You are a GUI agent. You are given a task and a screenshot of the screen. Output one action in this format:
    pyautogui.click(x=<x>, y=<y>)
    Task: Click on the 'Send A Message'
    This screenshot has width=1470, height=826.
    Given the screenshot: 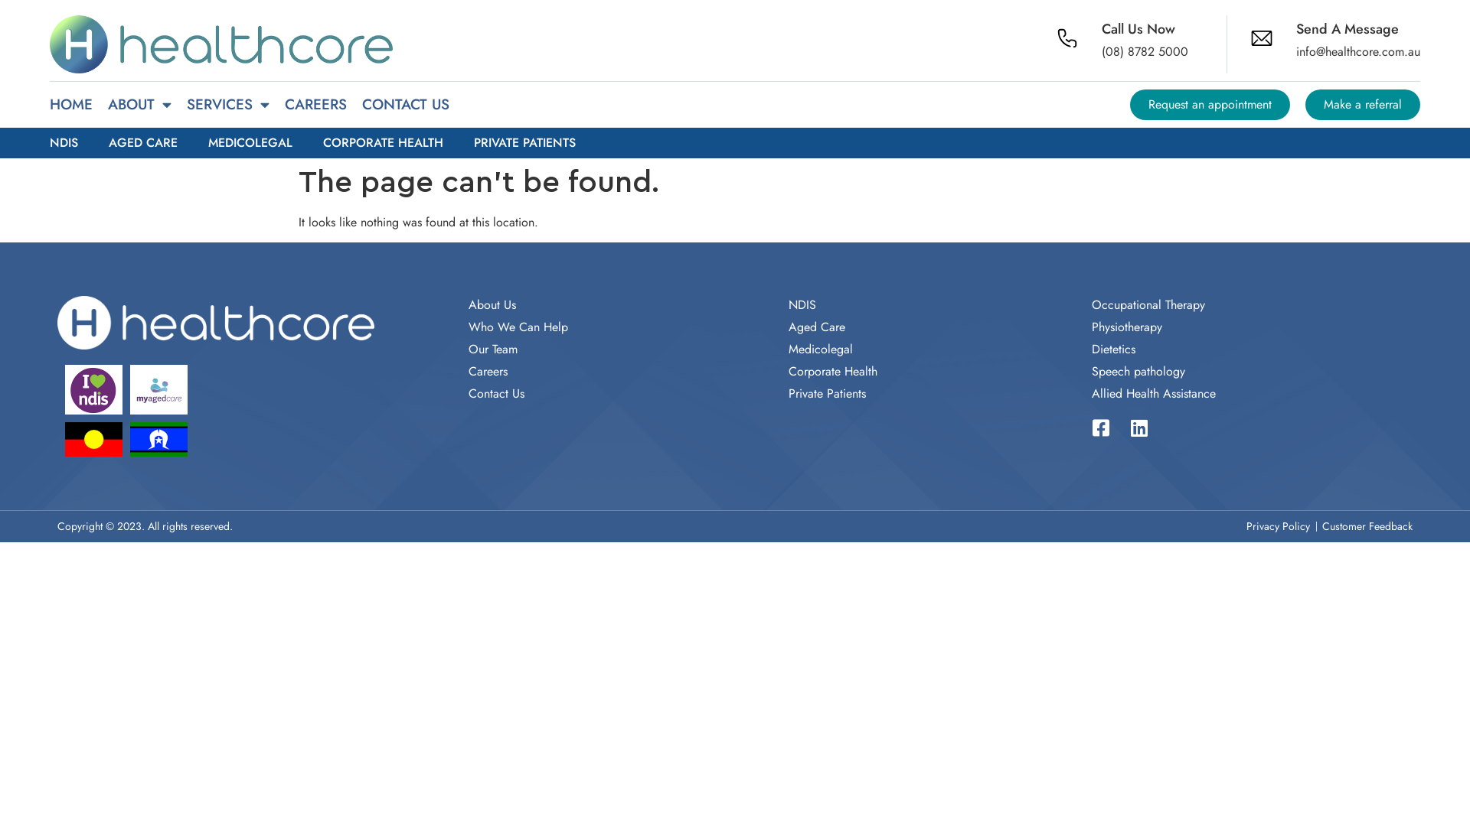 What is the action you would take?
    pyautogui.click(x=1347, y=29)
    